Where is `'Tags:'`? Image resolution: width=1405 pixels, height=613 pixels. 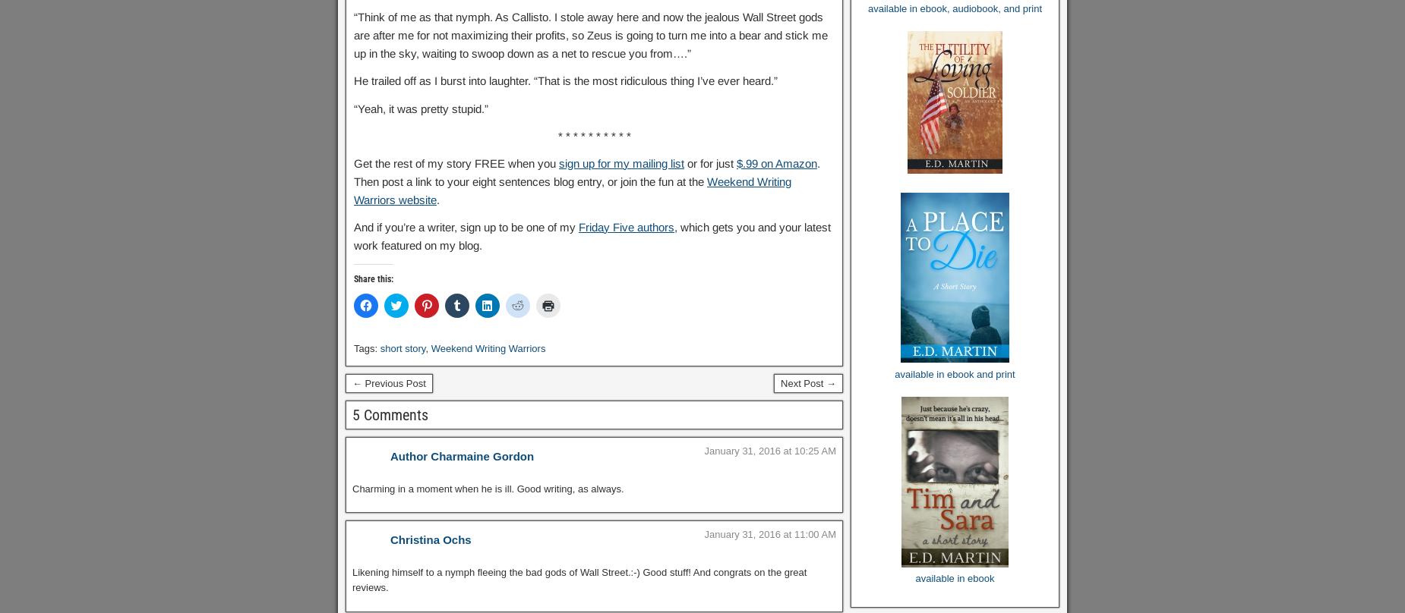 'Tags:' is located at coordinates (367, 348).